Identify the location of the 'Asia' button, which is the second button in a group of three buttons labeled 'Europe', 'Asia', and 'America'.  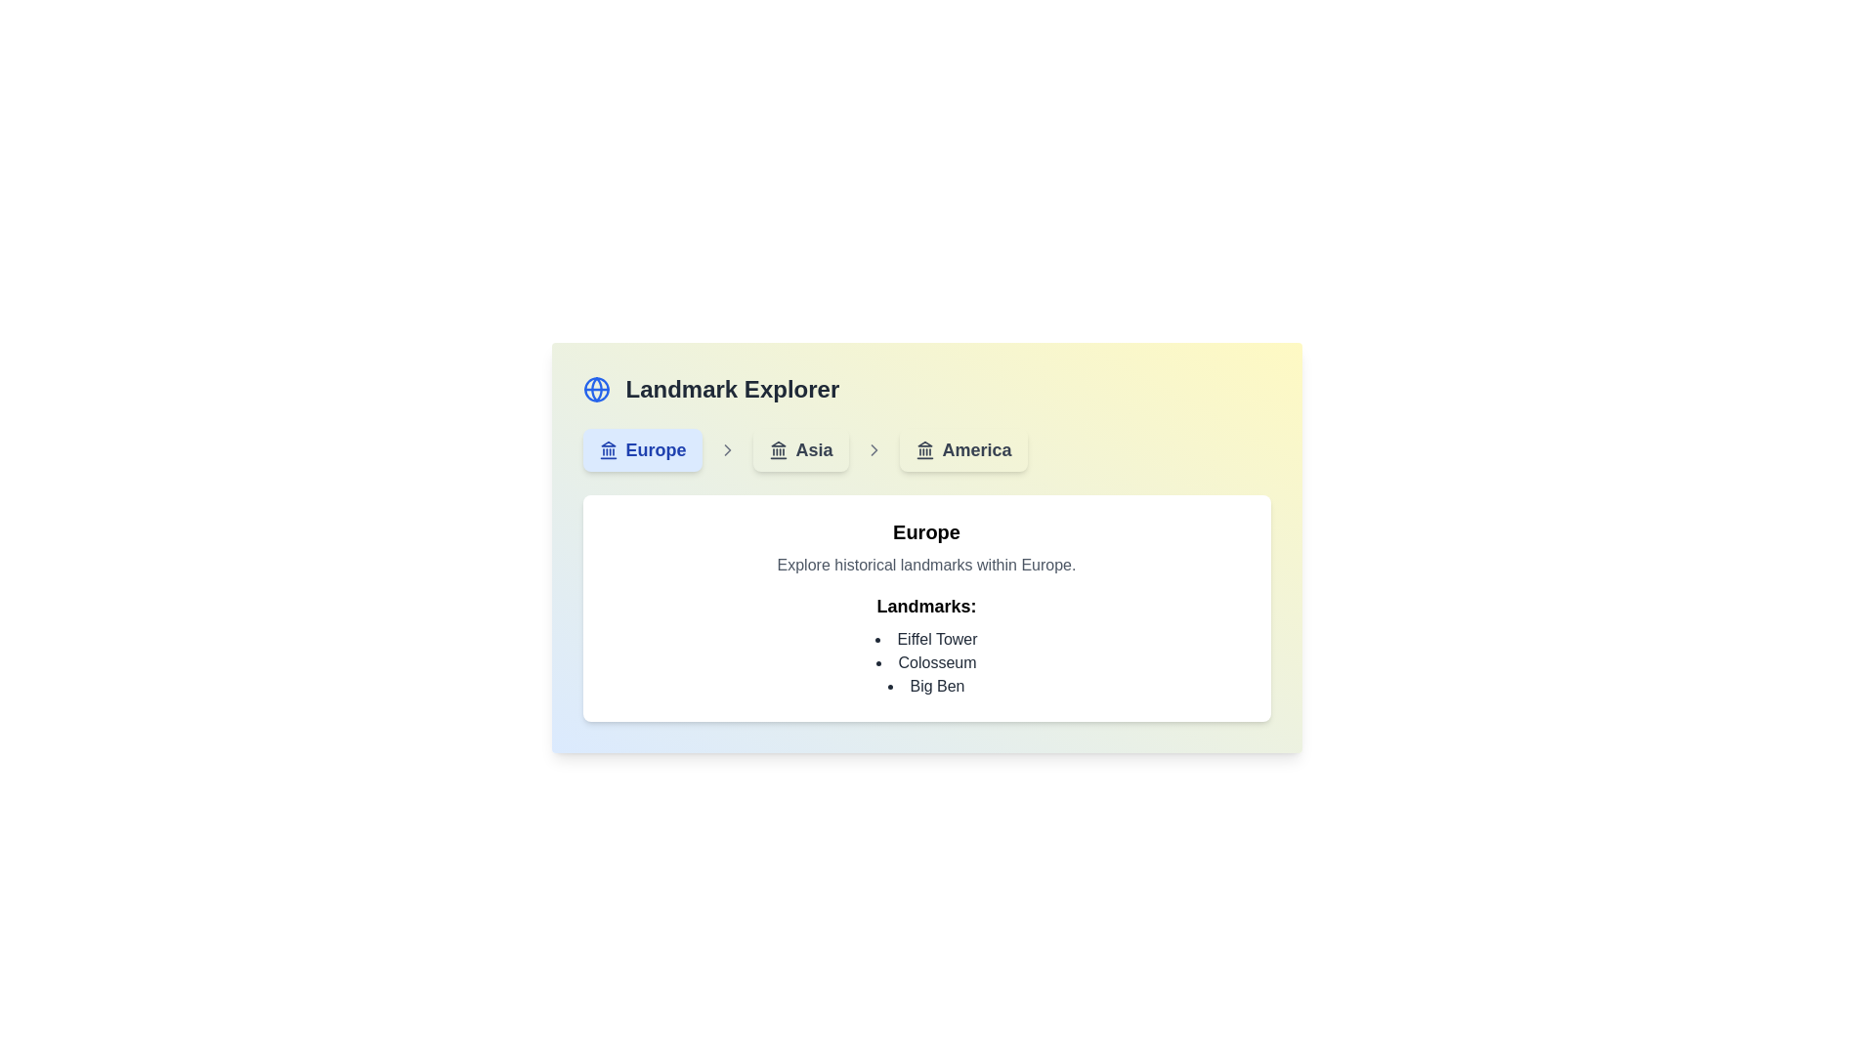
(800, 450).